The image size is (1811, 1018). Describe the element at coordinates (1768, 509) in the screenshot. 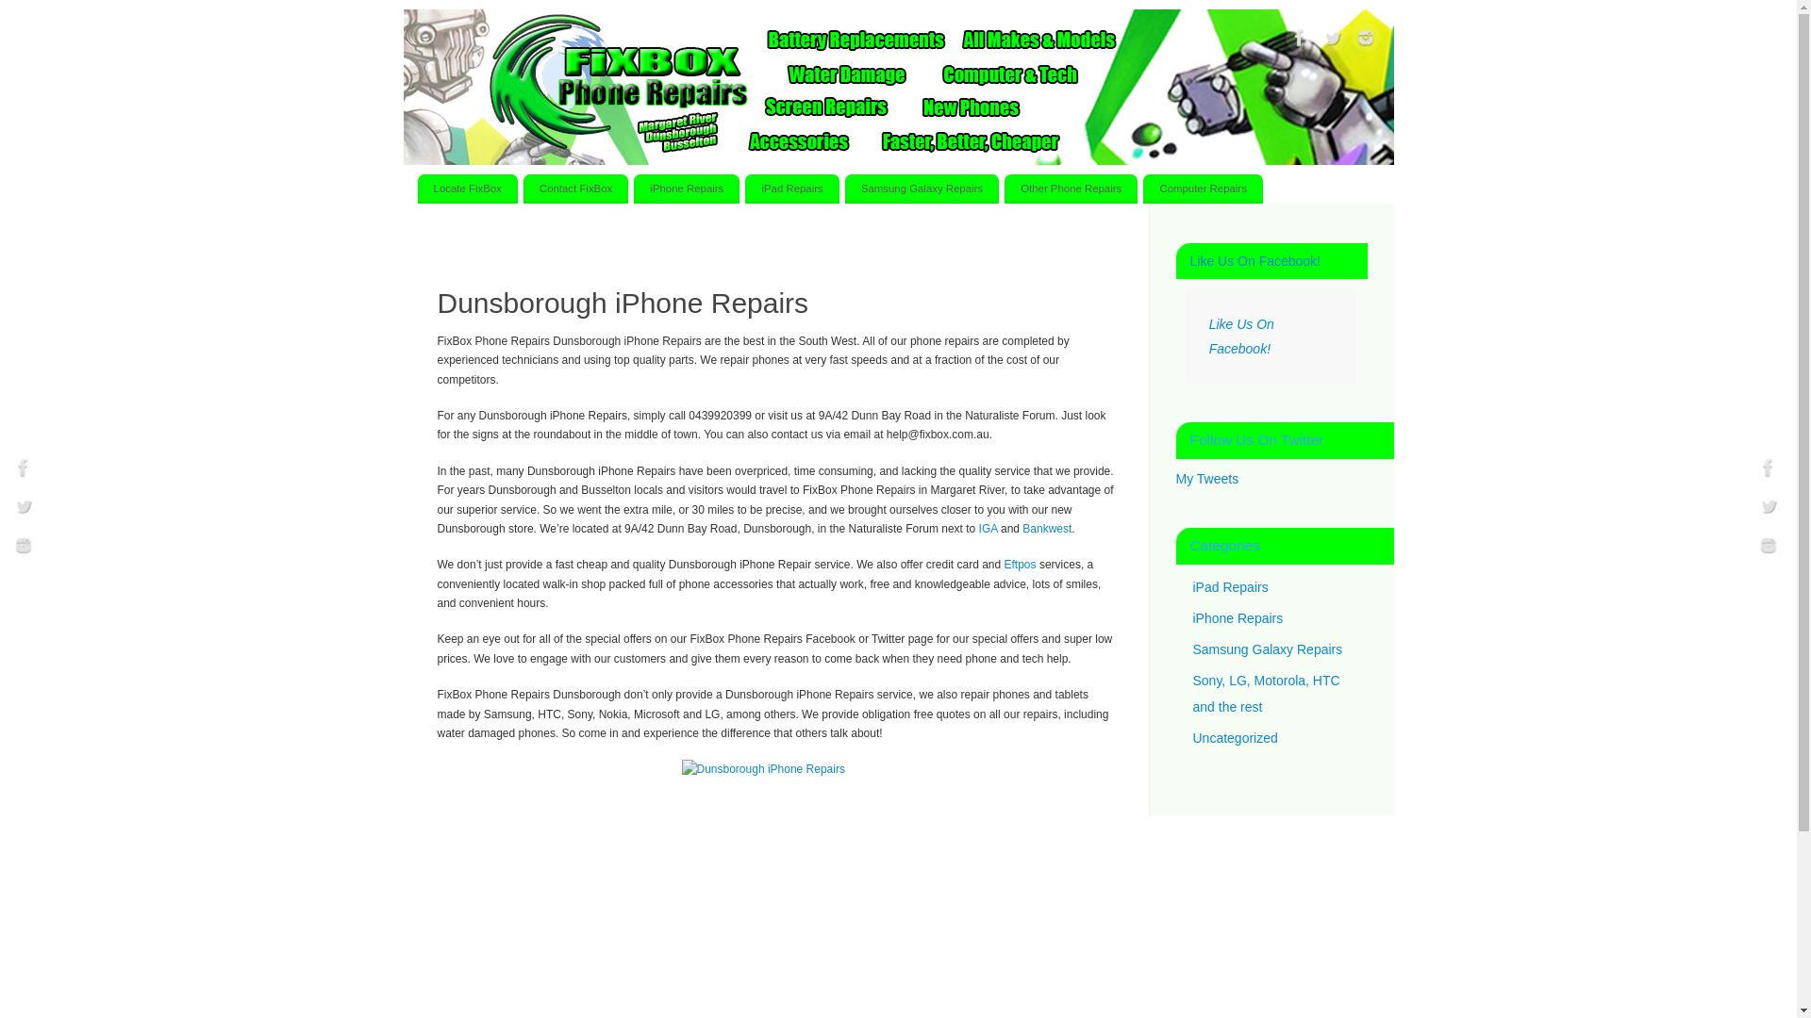

I see `'Twitter'` at that location.